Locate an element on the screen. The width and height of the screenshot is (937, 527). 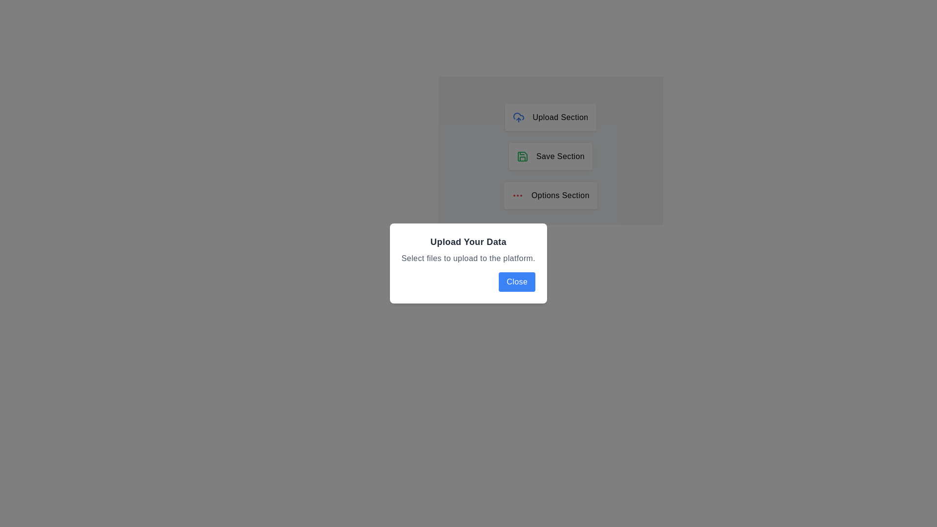
the 'Save Section' button, which is a rectangular button with a white background, rounded corners, and a green save disk icon, located between the 'Upload Section' and 'Options Section' buttons is located at coordinates (550, 156).